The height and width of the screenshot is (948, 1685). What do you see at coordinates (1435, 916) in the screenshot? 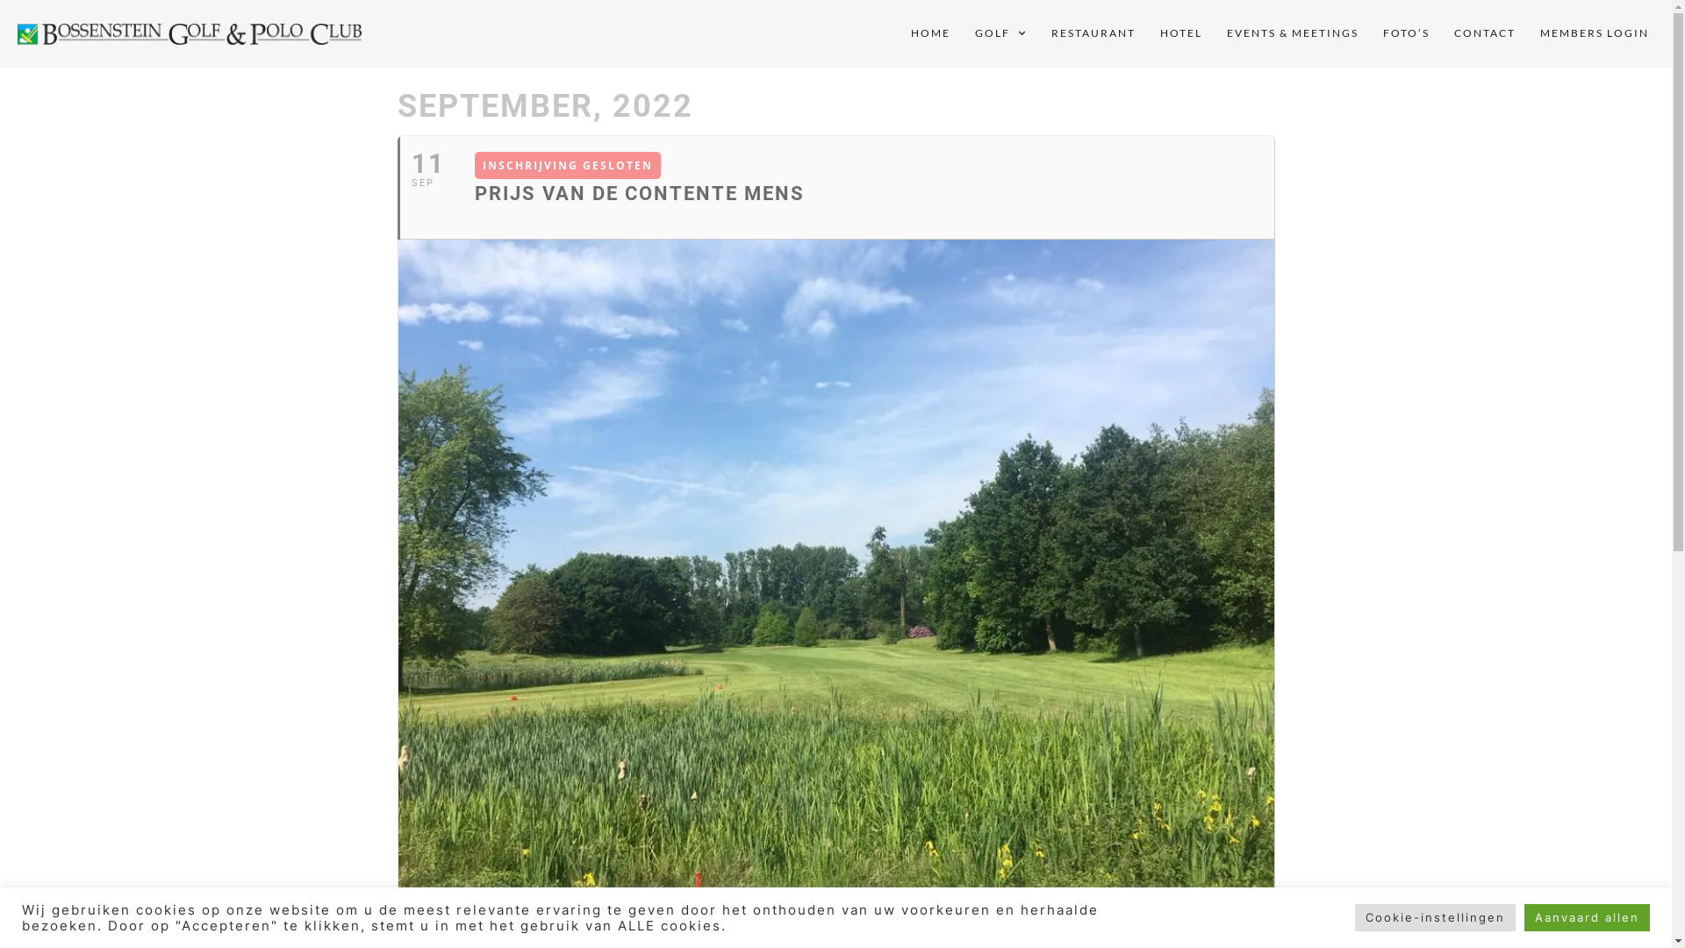
I see `'Cookie-instellingen'` at bounding box center [1435, 916].